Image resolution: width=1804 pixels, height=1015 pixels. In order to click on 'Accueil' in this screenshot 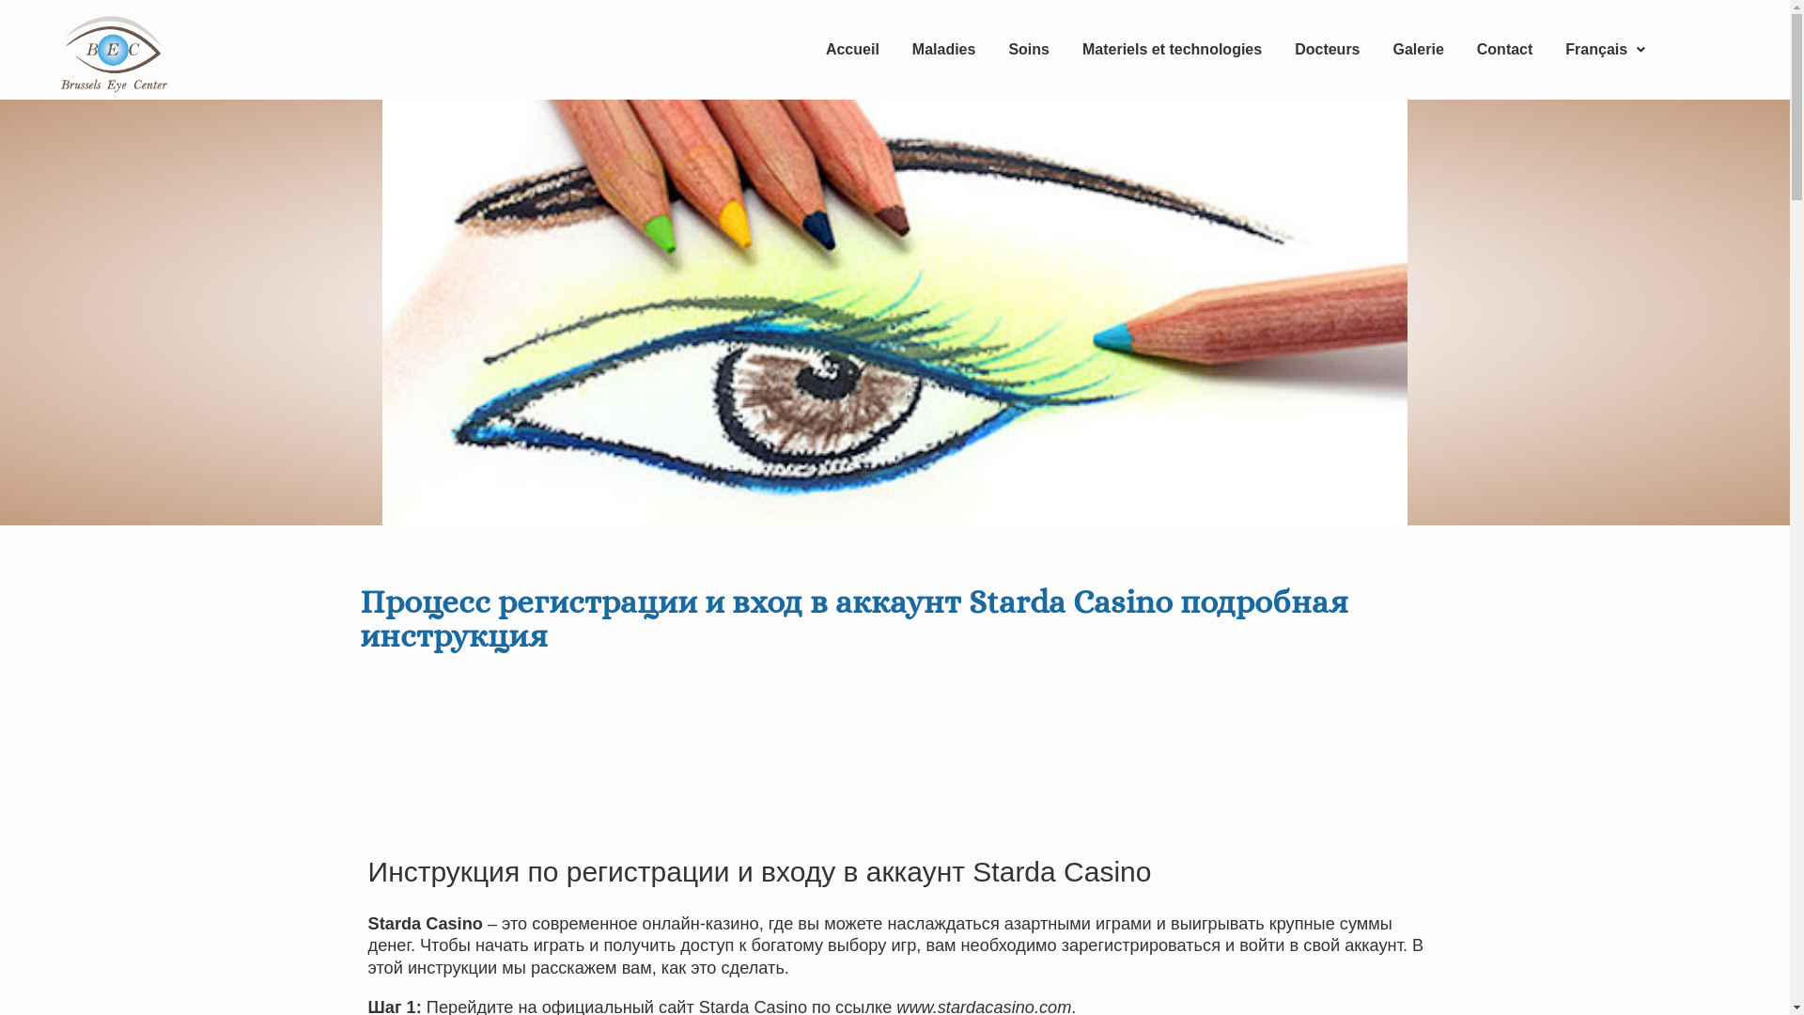, I will do `click(851, 49)`.